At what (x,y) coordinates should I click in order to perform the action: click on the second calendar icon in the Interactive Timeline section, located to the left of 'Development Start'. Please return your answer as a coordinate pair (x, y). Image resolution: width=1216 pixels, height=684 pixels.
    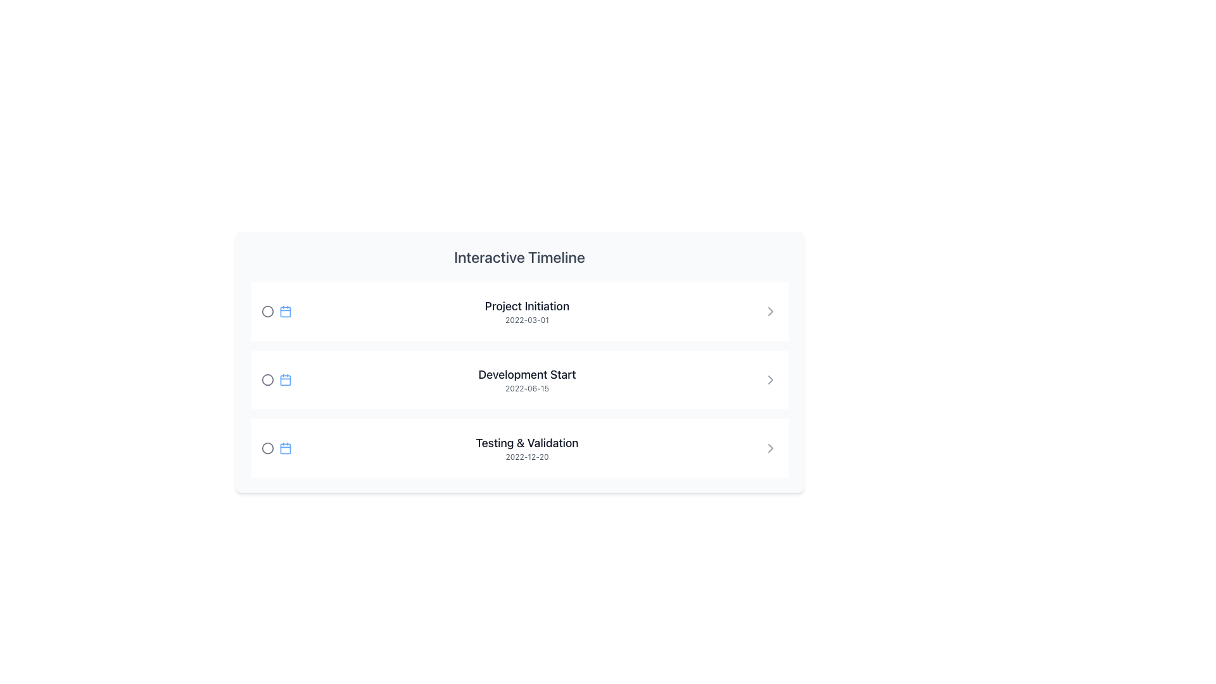
    Looking at the image, I should click on (284, 379).